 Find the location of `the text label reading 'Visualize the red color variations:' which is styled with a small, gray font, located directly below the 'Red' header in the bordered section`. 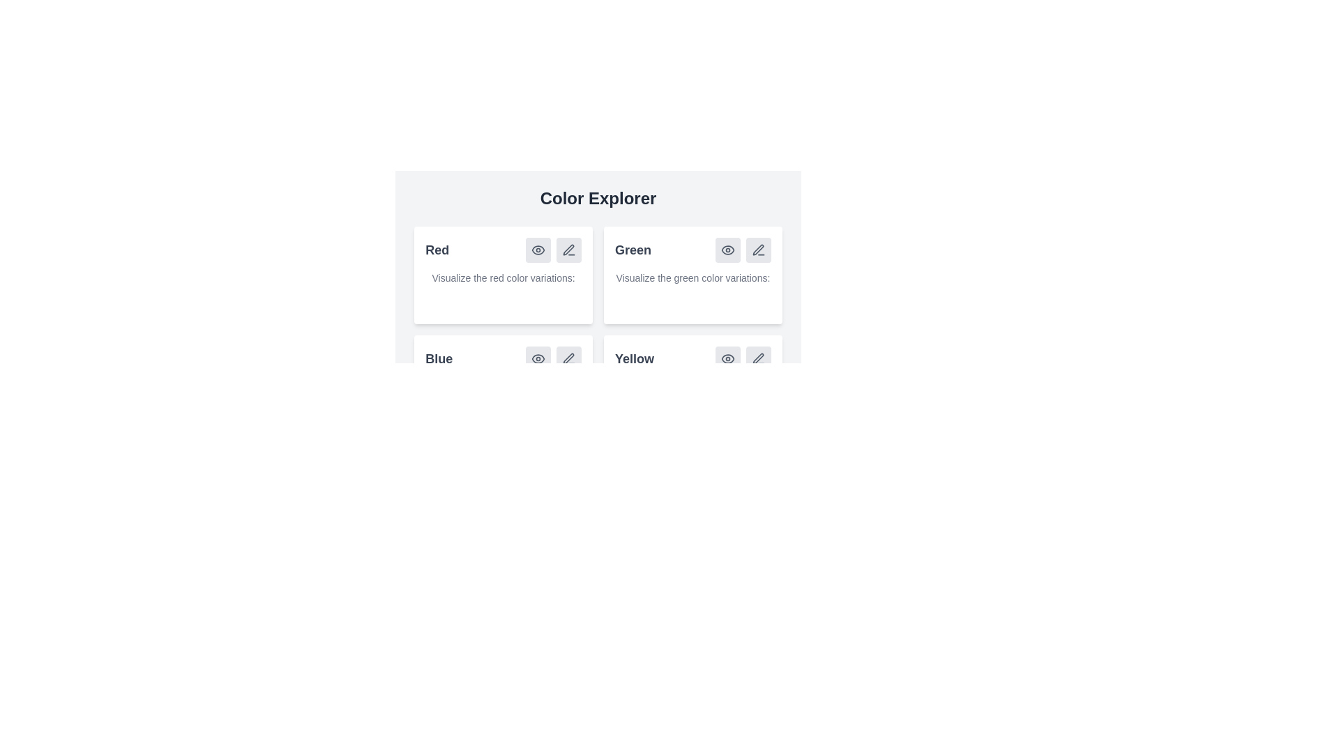

the text label reading 'Visualize the red color variations:' which is styled with a small, gray font, located directly below the 'Red' header in the bordered section is located at coordinates (503, 277).